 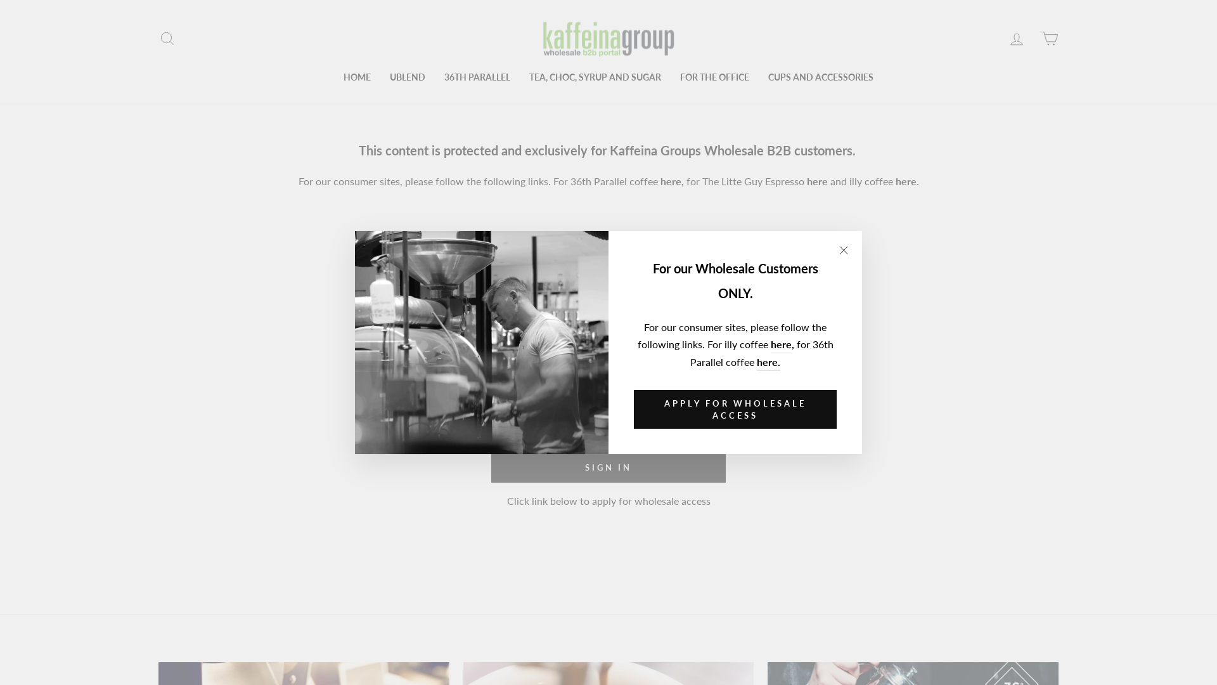 I want to click on 'TEA, CHOC, SYRUP AND SUGAR', so click(x=595, y=77).